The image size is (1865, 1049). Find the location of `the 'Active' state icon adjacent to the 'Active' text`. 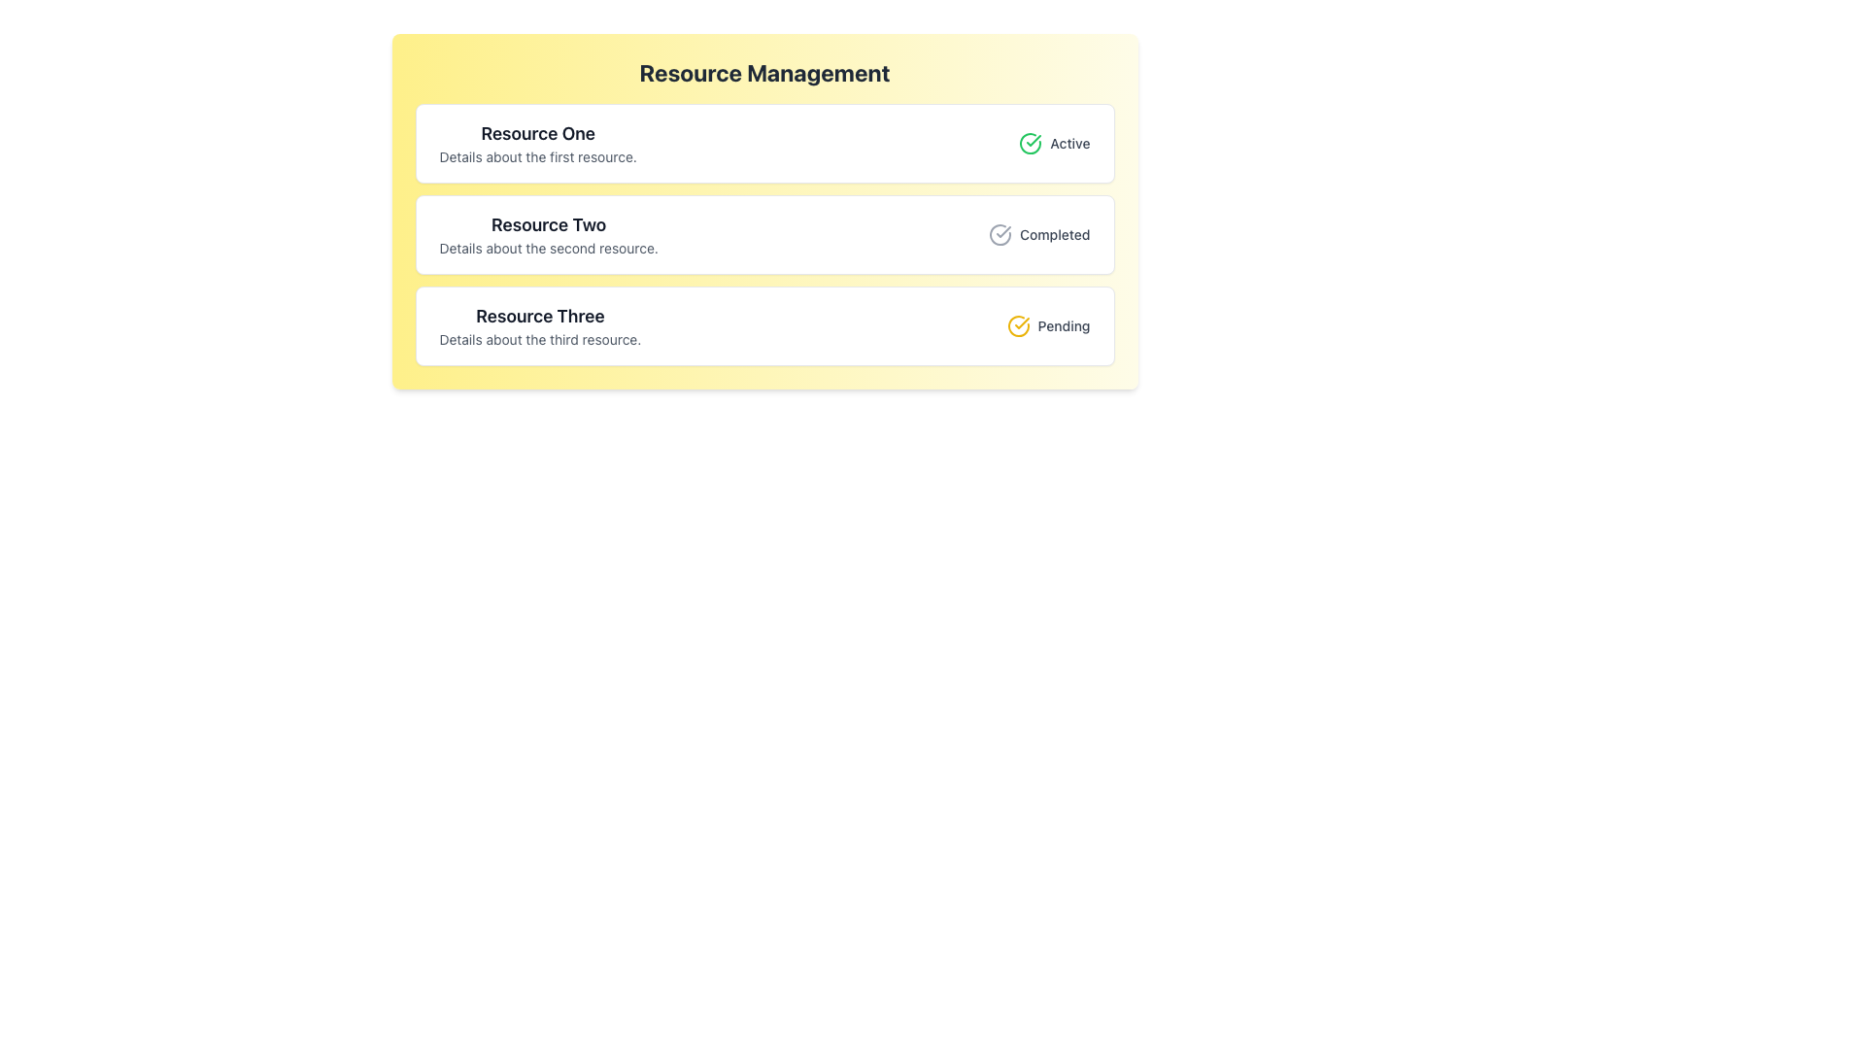

the 'Active' state icon adjacent to the 'Active' text is located at coordinates (1029, 142).